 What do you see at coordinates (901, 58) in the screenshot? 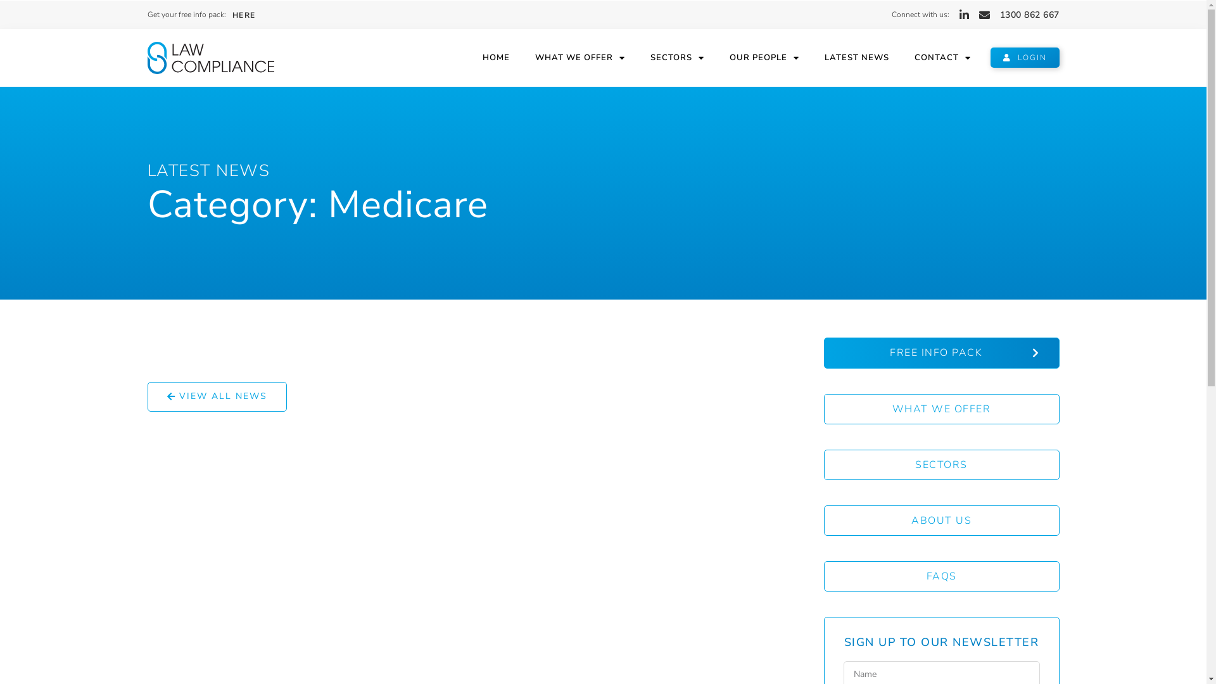
I see `'CONTACT'` at bounding box center [901, 58].